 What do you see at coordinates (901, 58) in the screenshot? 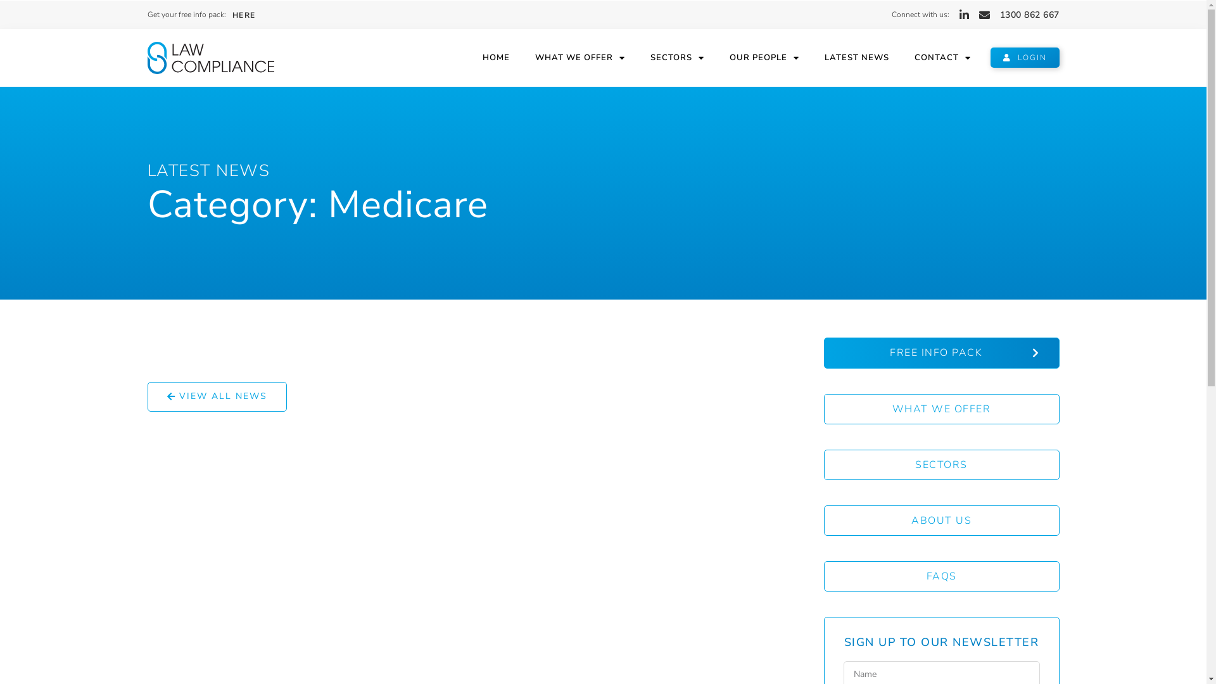
I see `'CONTACT'` at bounding box center [901, 58].